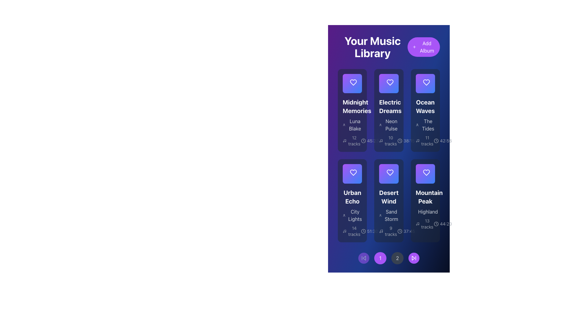  Describe the element at coordinates (424, 141) in the screenshot. I see `the static text label that indicates the number of tracks available in the album 'Ocean Waves', located beneath 'The Tides' in the third column of the grid layout` at that location.